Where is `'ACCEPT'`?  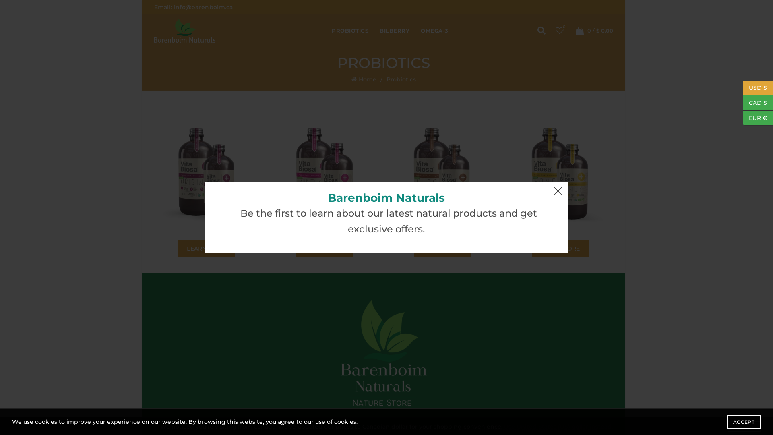 'ACCEPT' is located at coordinates (743, 422).